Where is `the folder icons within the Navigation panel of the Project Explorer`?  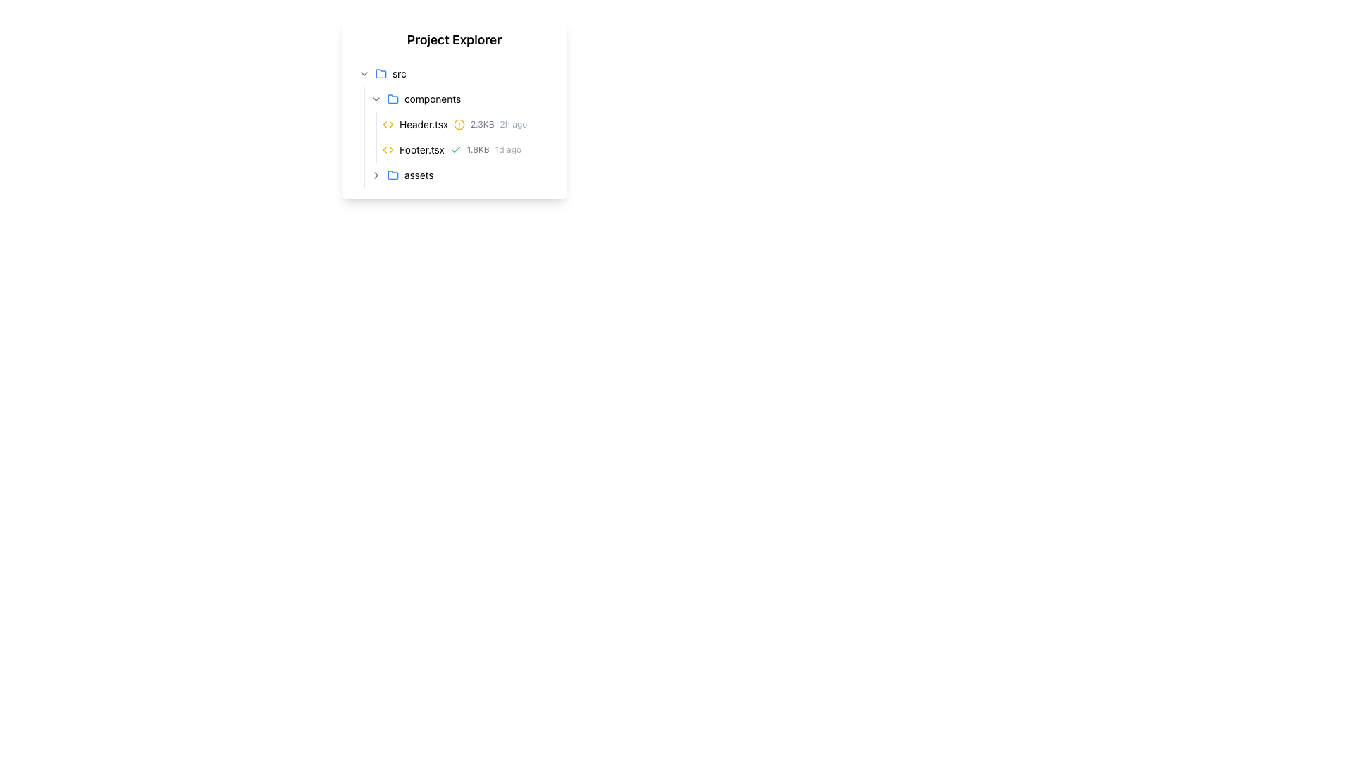
the folder icons within the Navigation panel of the Project Explorer is located at coordinates (454, 108).